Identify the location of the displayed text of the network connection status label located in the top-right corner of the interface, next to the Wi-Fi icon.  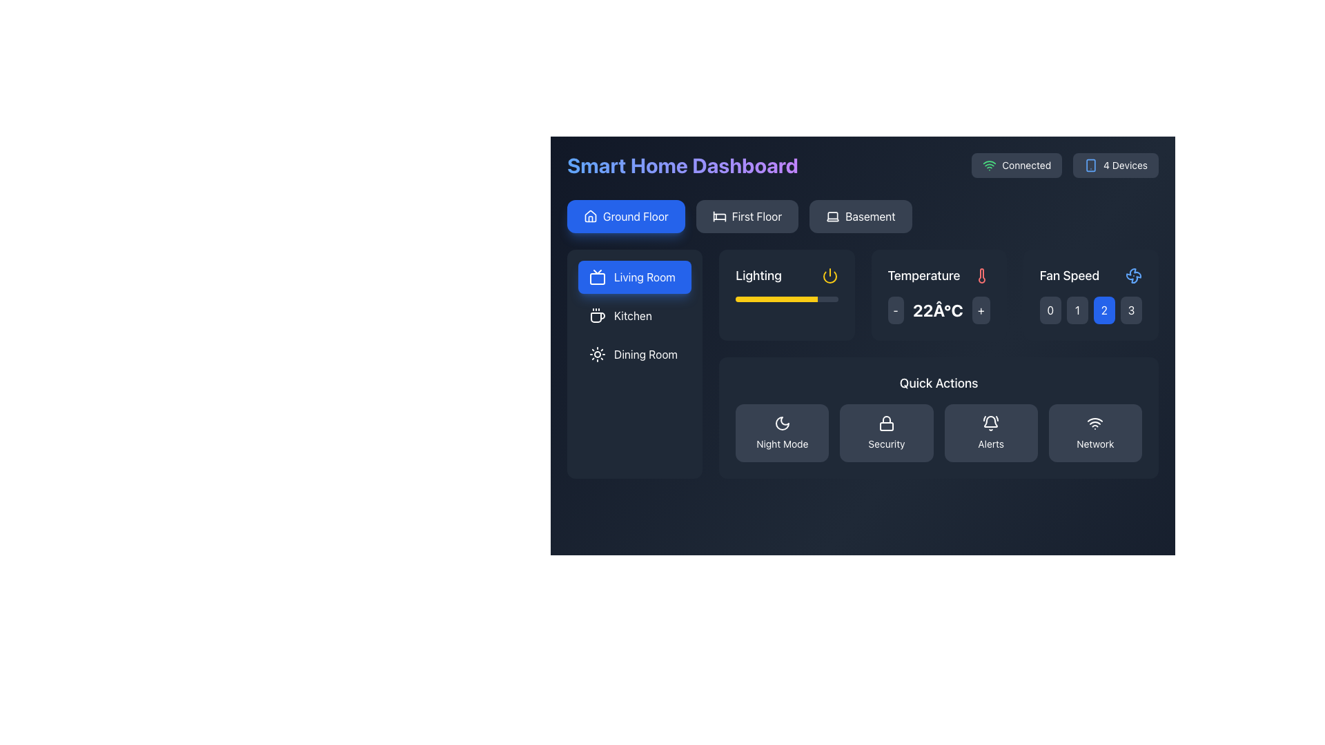
(1026, 164).